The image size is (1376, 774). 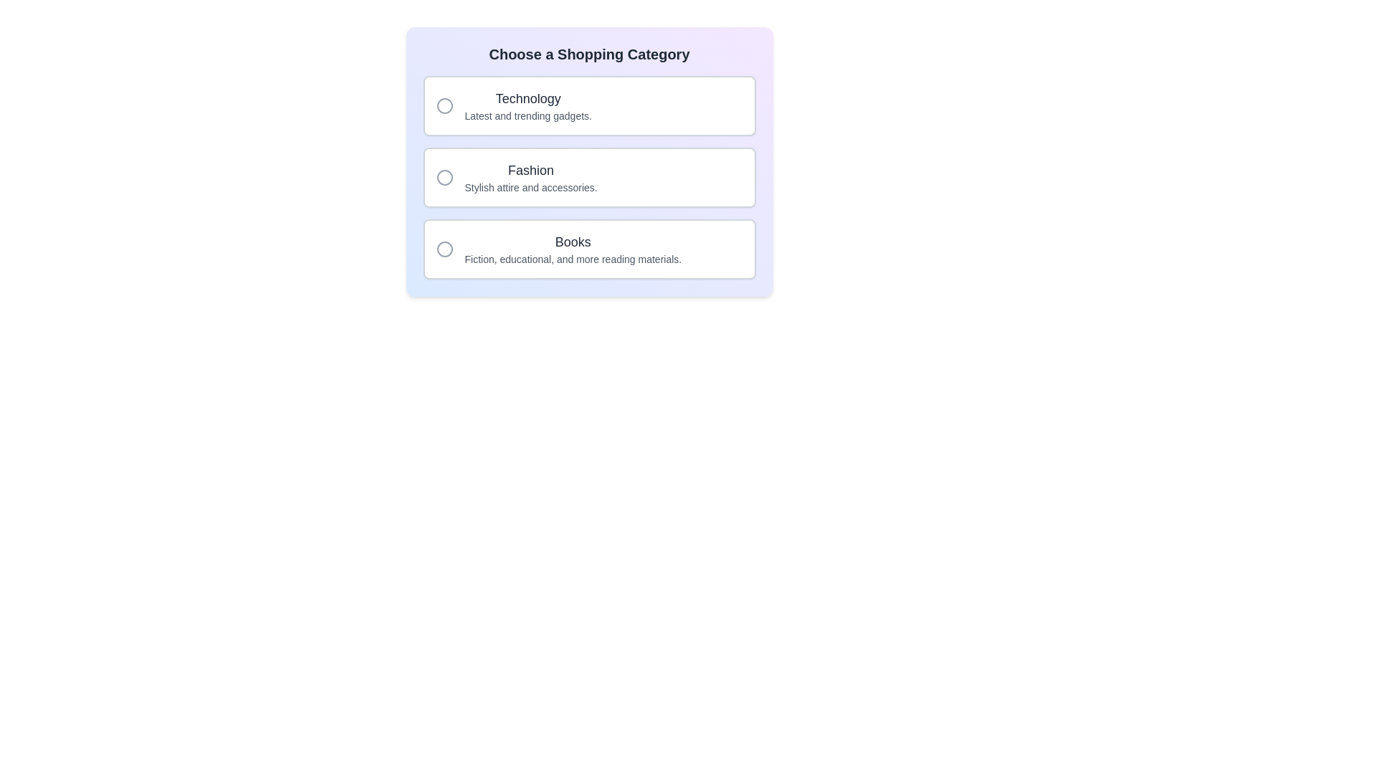 I want to click on the Text Label that describes the 'Fashion' shopping category, located between 'Technology' and 'Books' in the vertical list of shopping categories, so click(x=530, y=176).